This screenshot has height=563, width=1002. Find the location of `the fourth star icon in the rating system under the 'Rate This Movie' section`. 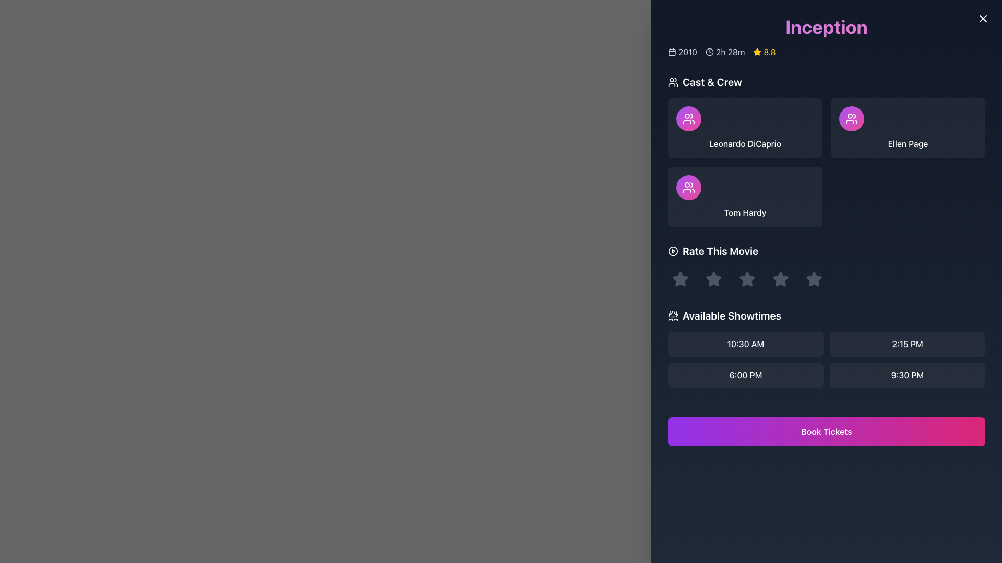

the fourth star icon in the rating system under the 'Rate This Movie' section is located at coordinates (814, 278).